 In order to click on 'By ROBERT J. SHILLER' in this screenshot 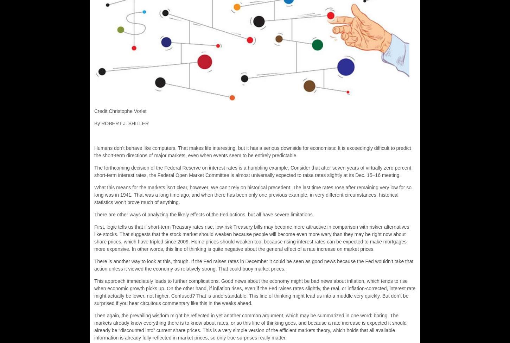, I will do `click(121, 123)`.